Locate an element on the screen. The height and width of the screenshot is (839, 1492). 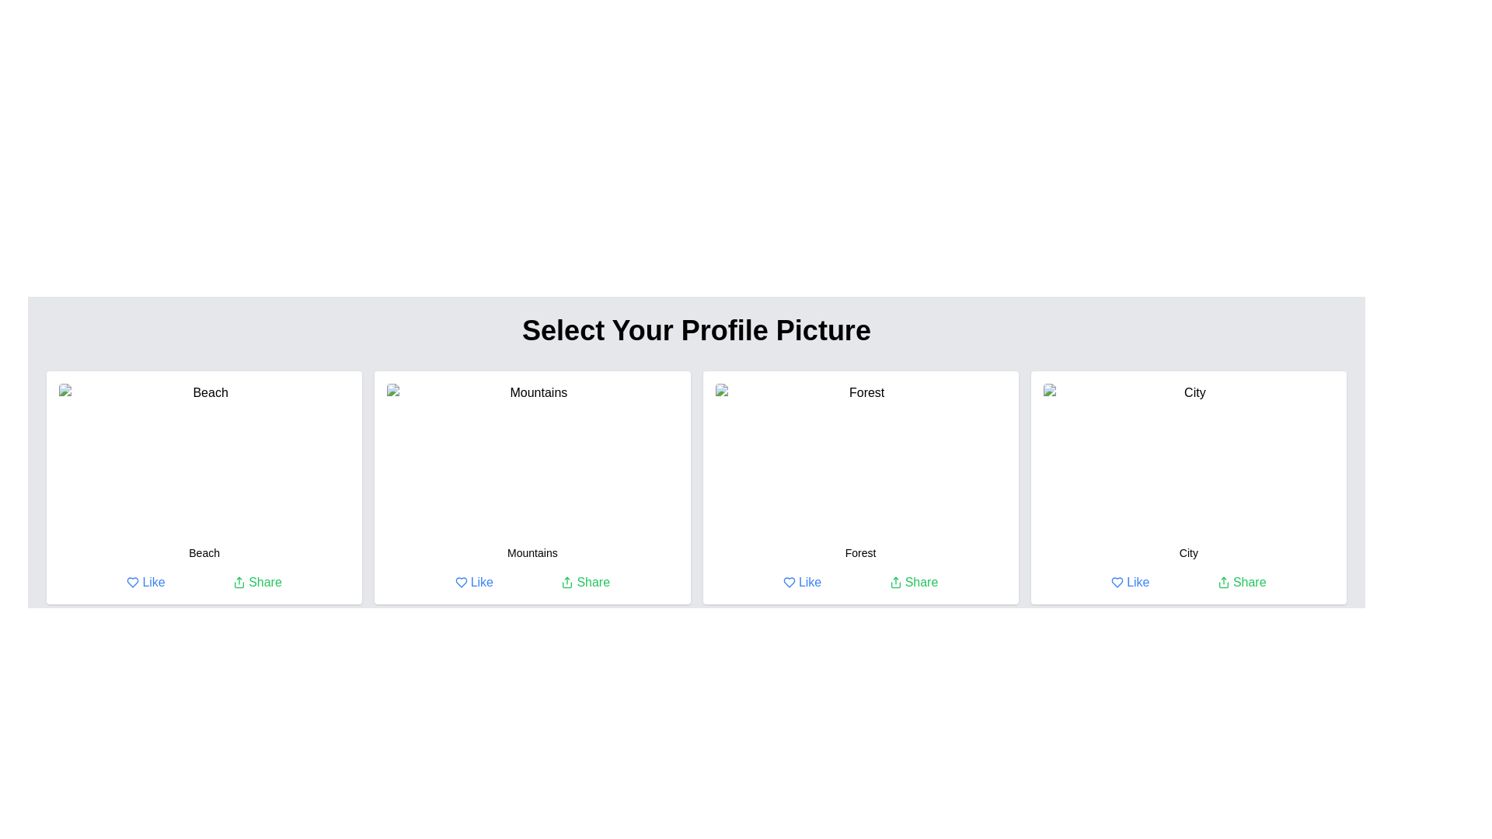
the green 'Share' icon button located at the bottom of the 'Forest' card in the 'Select Your Profile Picture' section is located at coordinates (895, 582).